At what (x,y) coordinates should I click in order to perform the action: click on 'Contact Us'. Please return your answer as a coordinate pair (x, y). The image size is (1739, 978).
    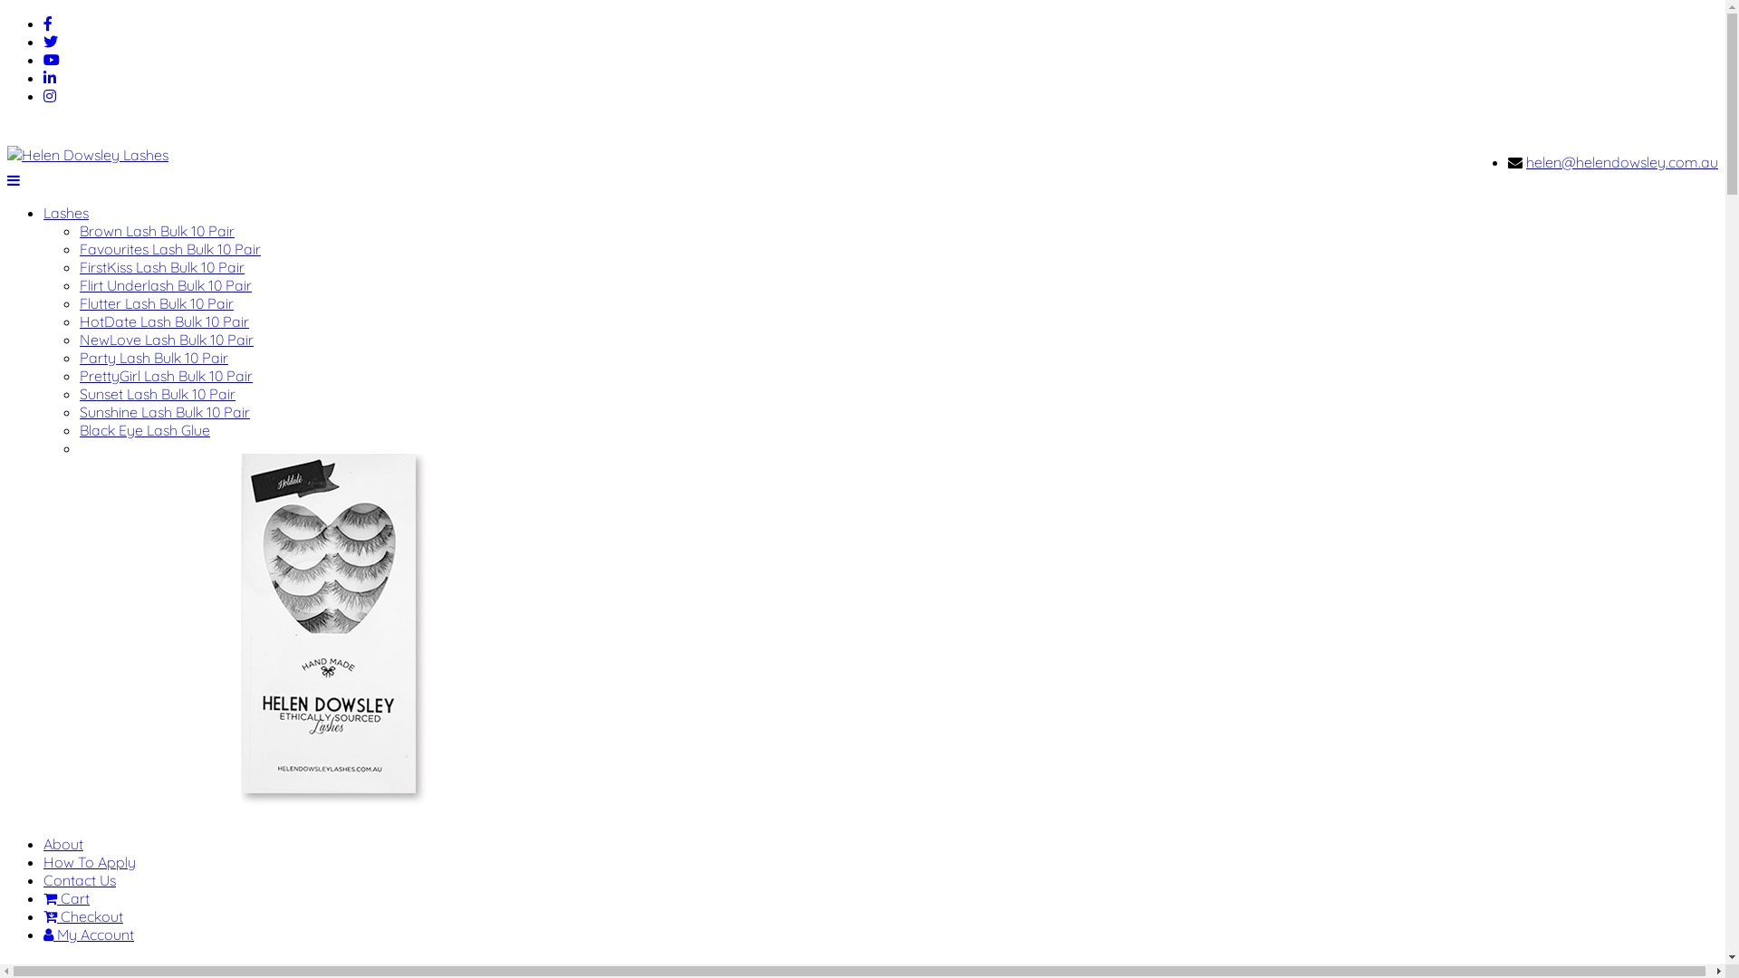
    Looking at the image, I should click on (43, 879).